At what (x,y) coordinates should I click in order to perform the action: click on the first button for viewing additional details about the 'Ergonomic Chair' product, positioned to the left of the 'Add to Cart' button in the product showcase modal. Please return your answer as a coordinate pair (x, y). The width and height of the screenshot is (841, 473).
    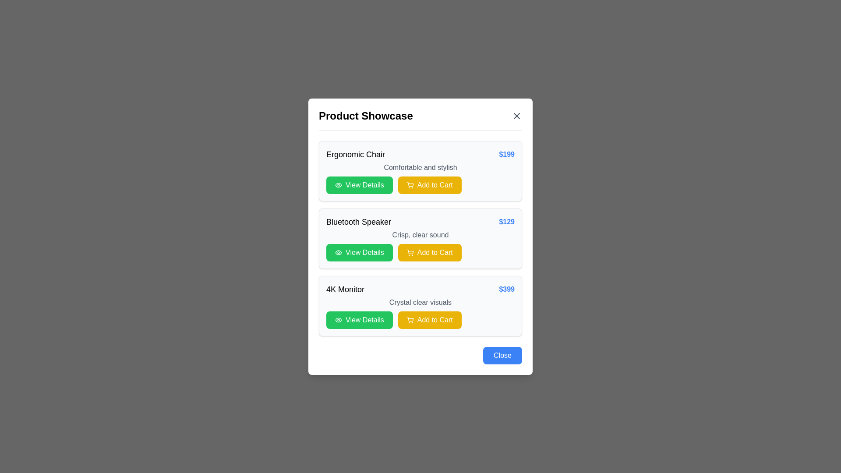
    Looking at the image, I should click on (364, 184).